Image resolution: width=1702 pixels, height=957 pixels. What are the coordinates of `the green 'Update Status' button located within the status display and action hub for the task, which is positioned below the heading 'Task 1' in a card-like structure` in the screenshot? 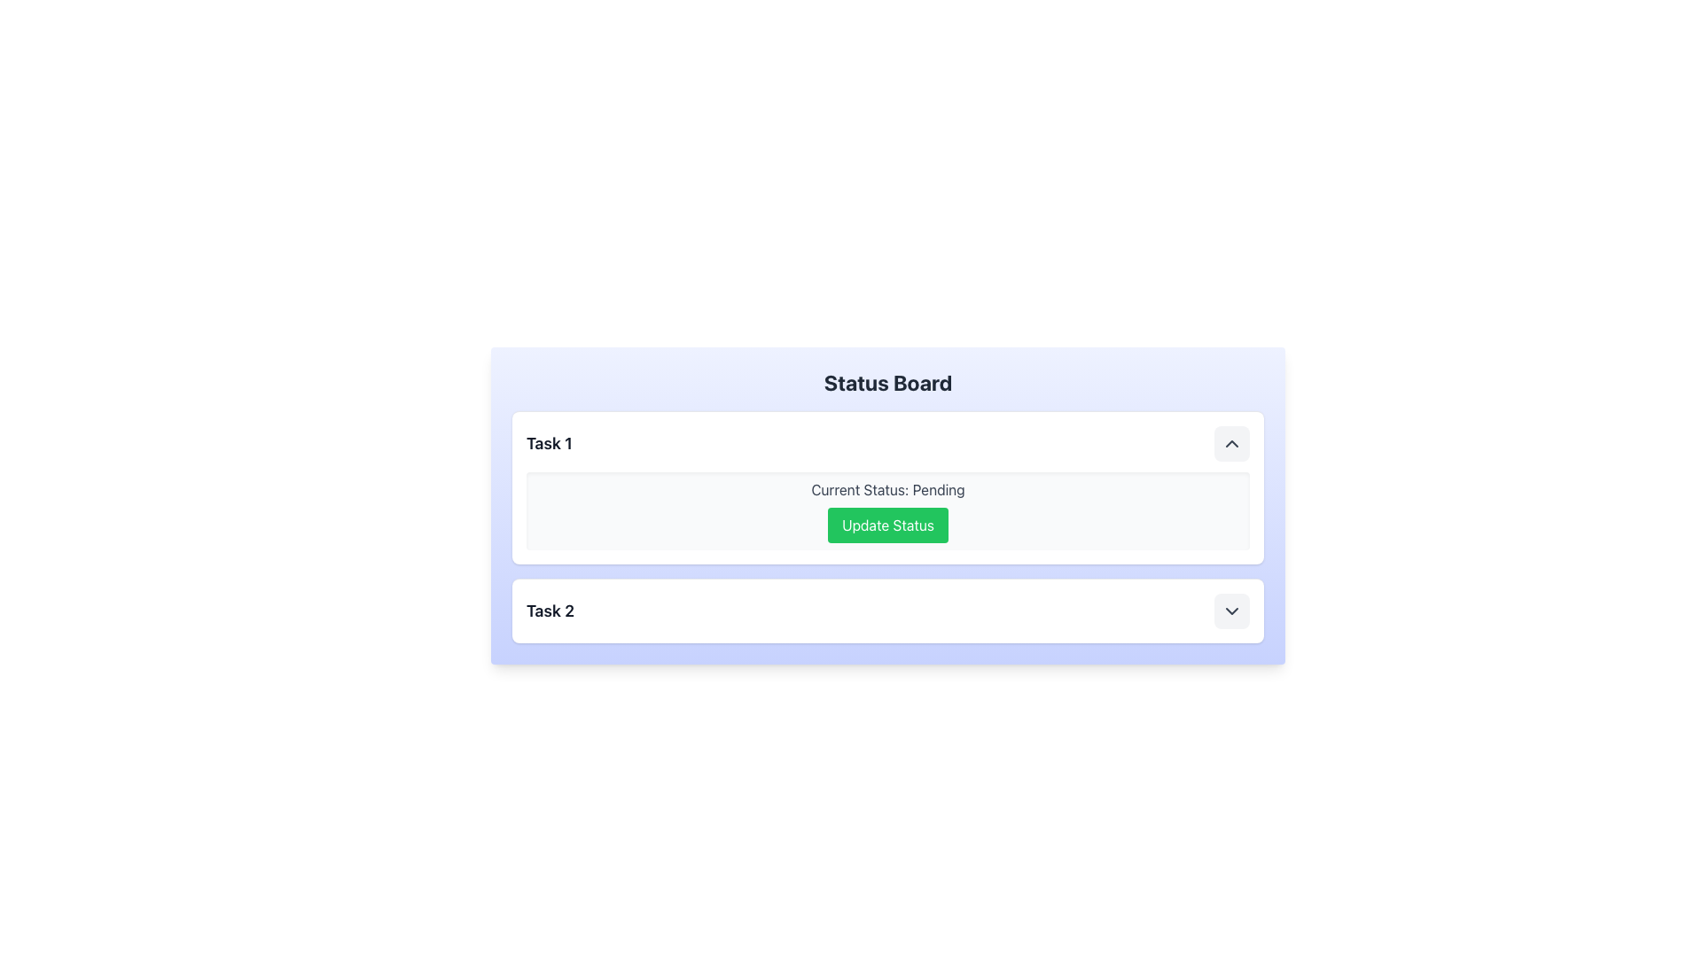 It's located at (888, 511).